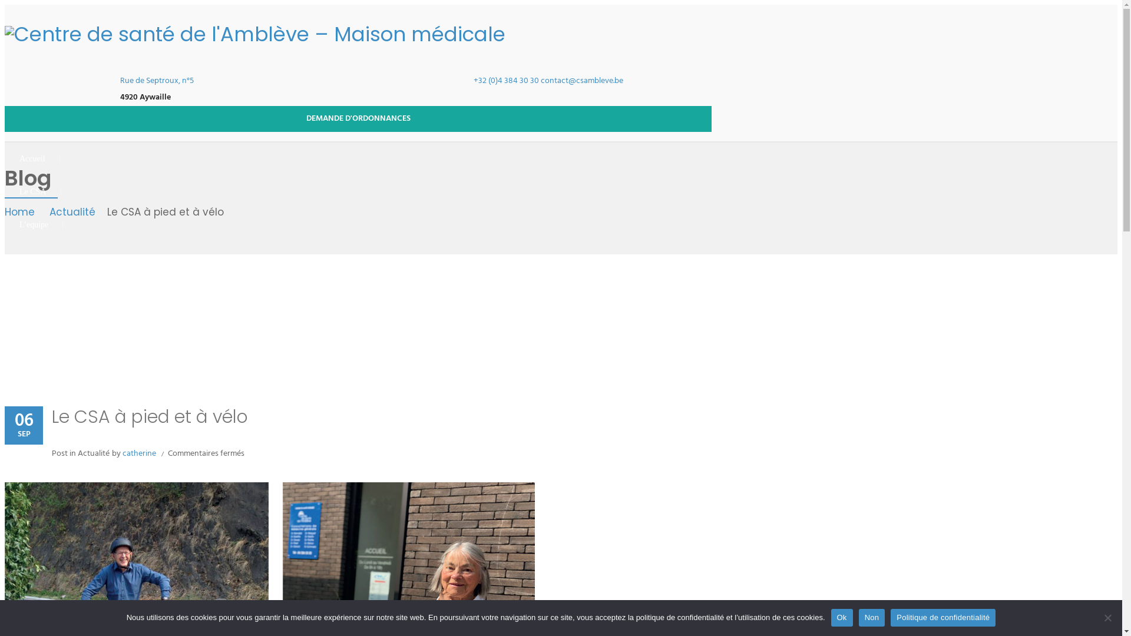 Image resolution: width=1131 pixels, height=636 pixels. What do you see at coordinates (22, 213) in the screenshot?
I see `'Home'` at bounding box center [22, 213].